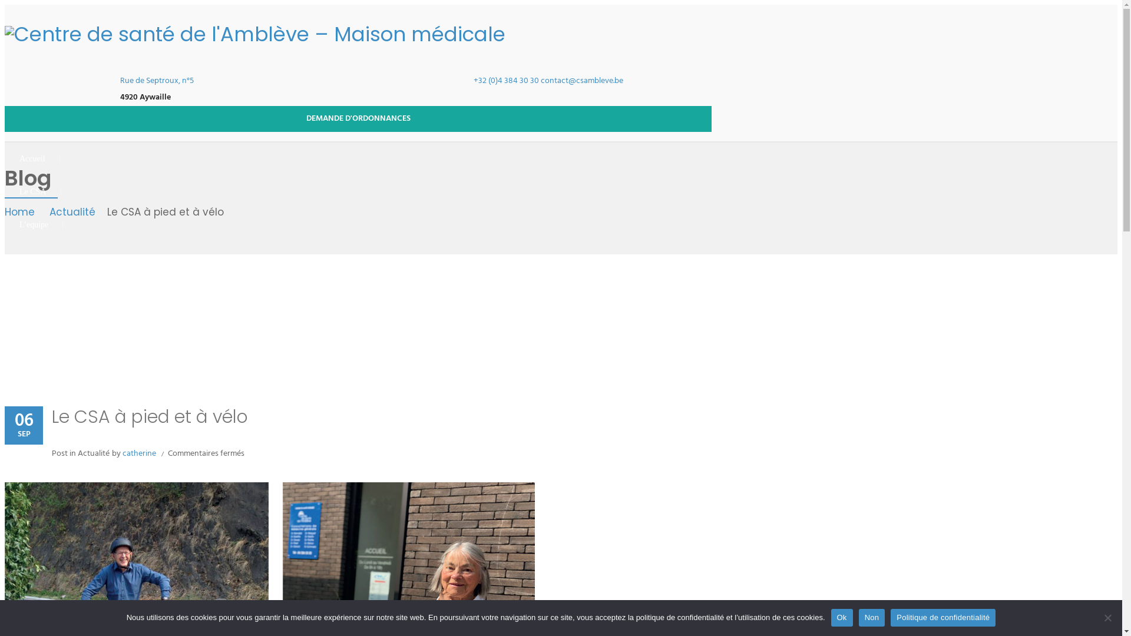 Image resolution: width=1131 pixels, height=636 pixels. What do you see at coordinates (22, 213) in the screenshot?
I see `'Home'` at bounding box center [22, 213].